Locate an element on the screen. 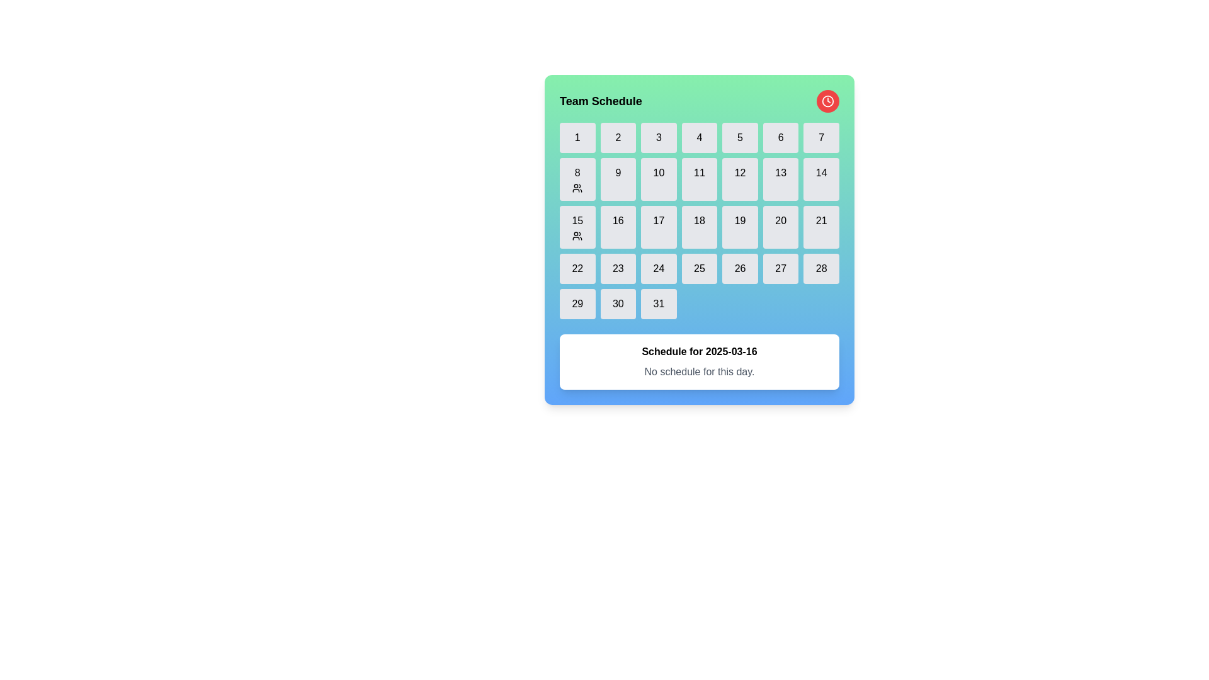 This screenshot has height=680, width=1209. the square button displaying the number '15' and a group icon is located at coordinates (577, 227).